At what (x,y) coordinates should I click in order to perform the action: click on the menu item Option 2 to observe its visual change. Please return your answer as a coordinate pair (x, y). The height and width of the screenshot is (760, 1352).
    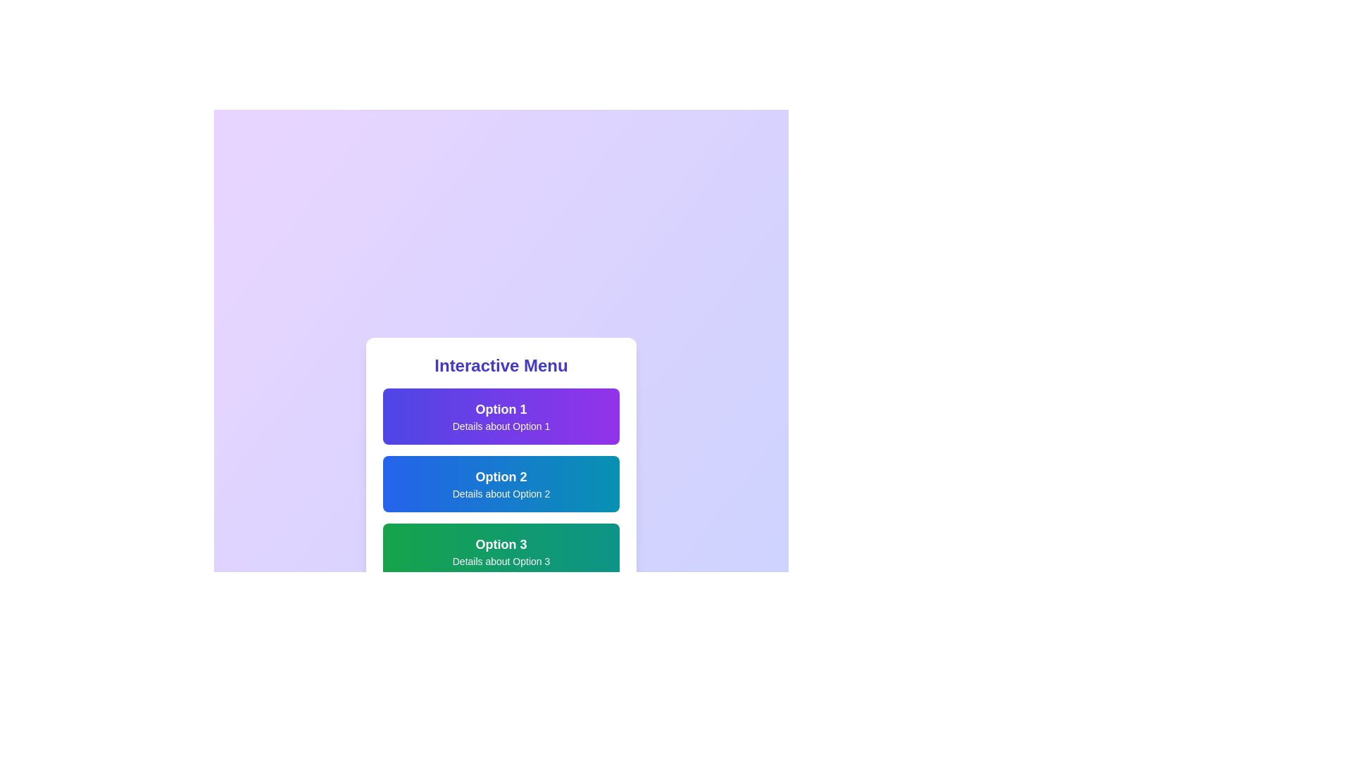
    Looking at the image, I should click on (501, 483).